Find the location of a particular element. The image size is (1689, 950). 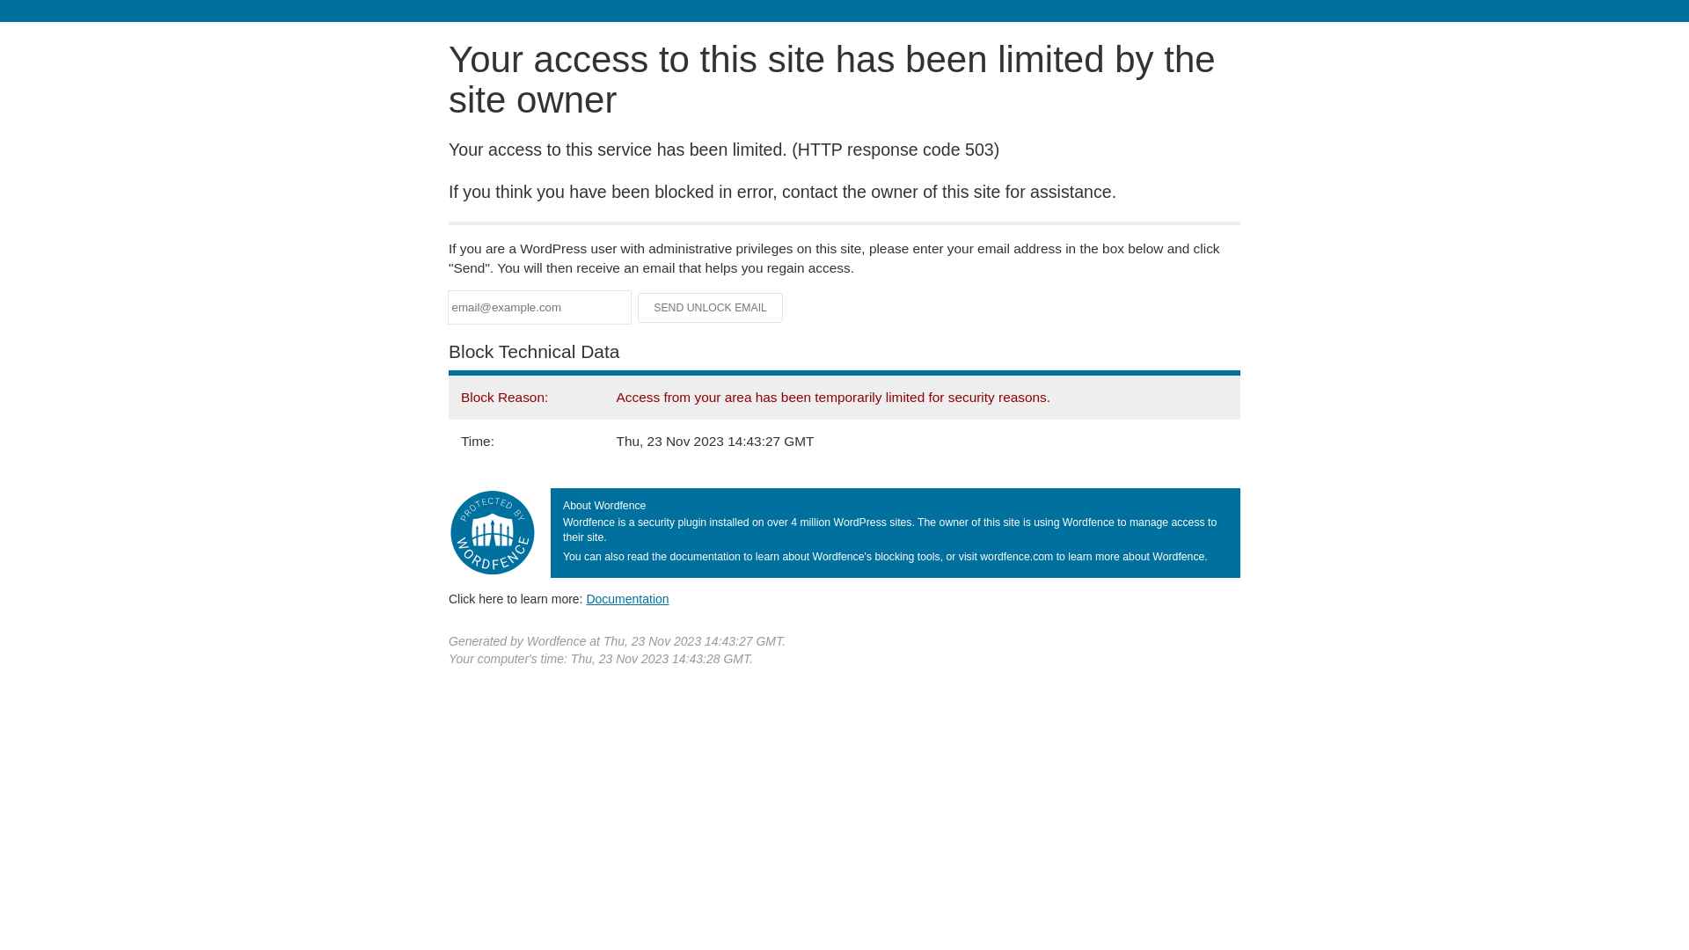

'Documentation' is located at coordinates (627, 598).